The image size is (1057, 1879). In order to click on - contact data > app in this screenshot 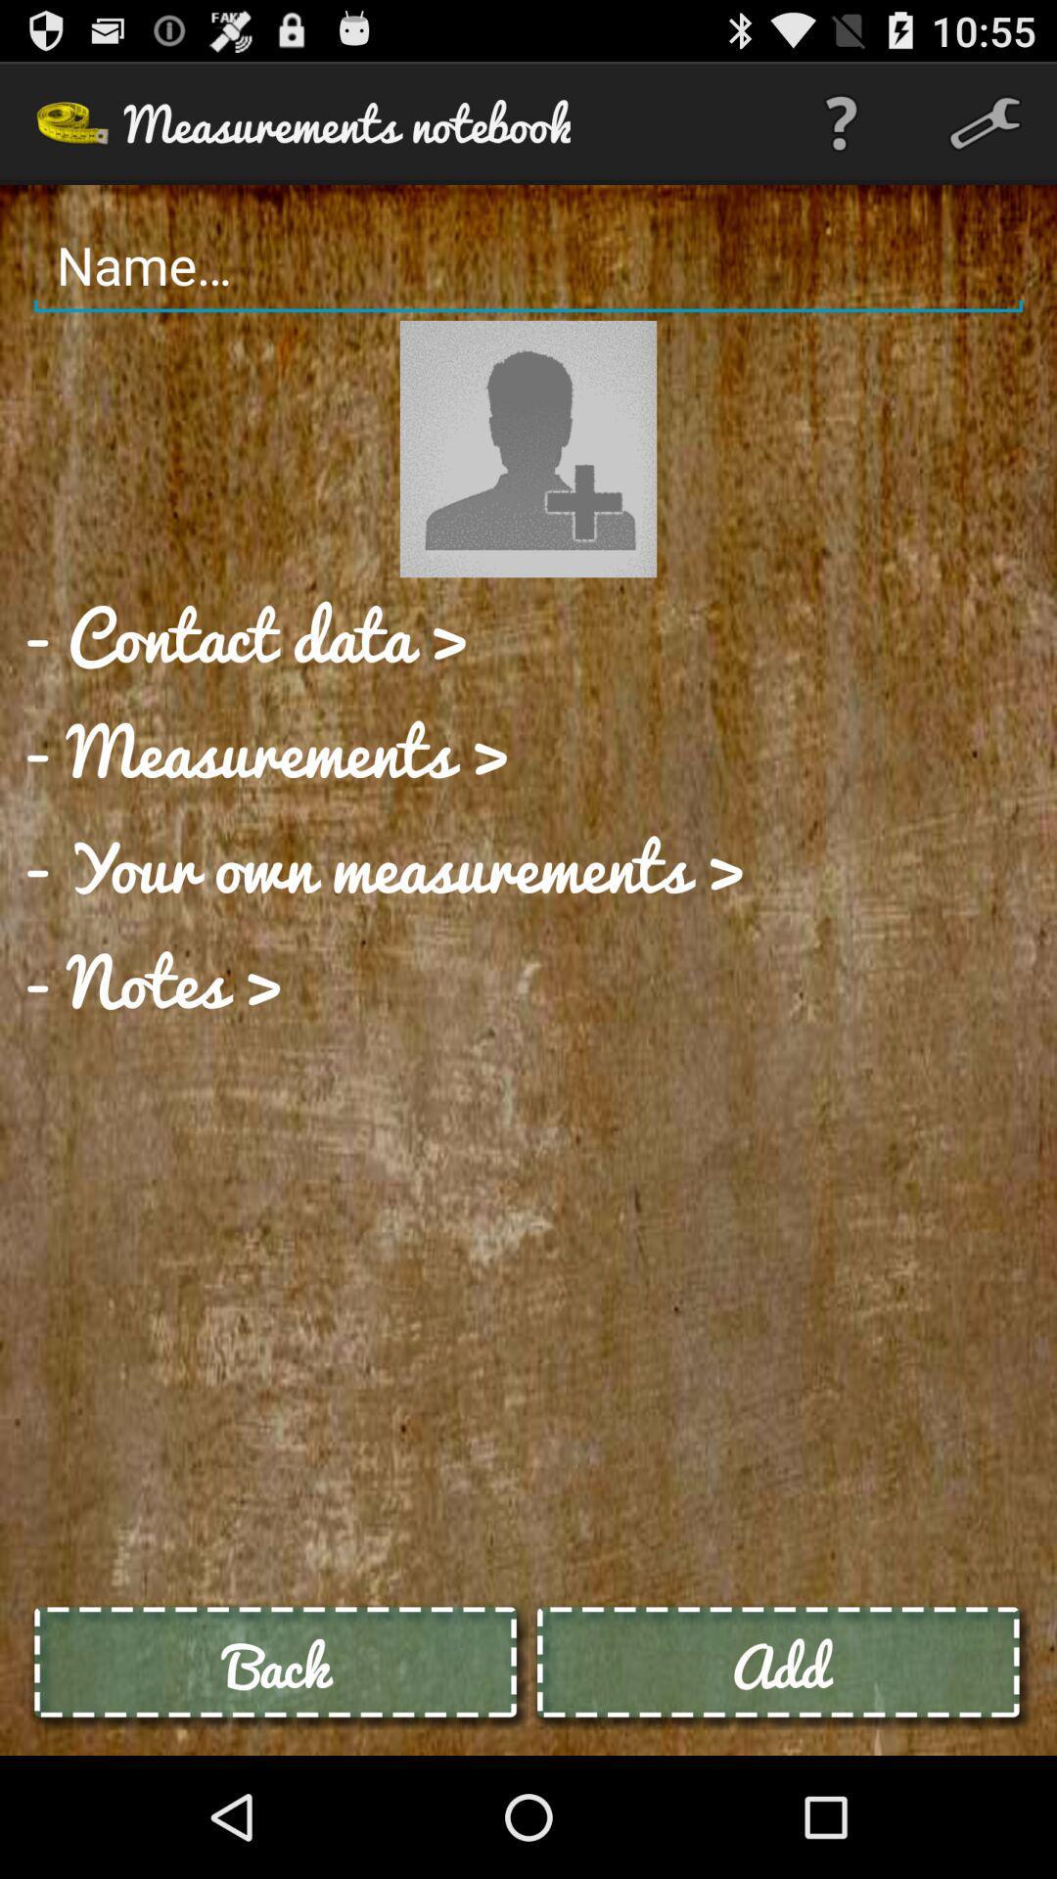, I will do `click(245, 635)`.